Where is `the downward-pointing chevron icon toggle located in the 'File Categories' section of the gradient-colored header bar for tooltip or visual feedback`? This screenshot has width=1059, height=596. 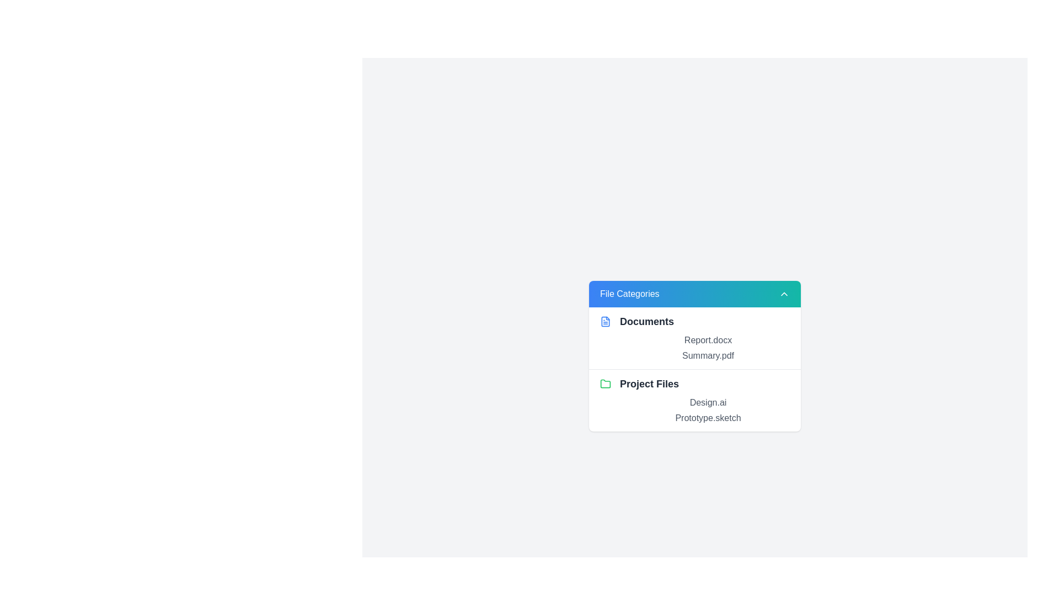
the downward-pointing chevron icon toggle located in the 'File Categories' section of the gradient-colored header bar for tooltip or visual feedback is located at coordinates (783, 293).